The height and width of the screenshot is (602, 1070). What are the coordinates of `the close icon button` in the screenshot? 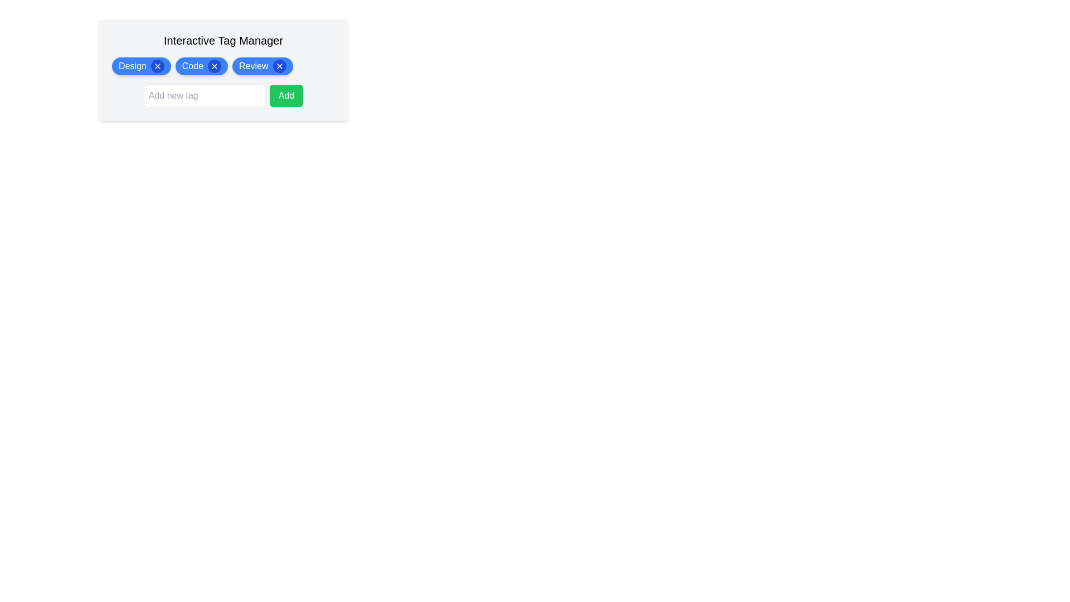 It's located at (279, 66).